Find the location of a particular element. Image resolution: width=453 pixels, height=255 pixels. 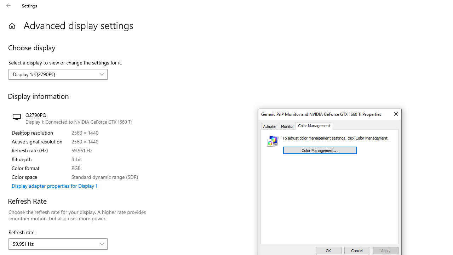

'Adapter' is located at coordinates (270, 126).